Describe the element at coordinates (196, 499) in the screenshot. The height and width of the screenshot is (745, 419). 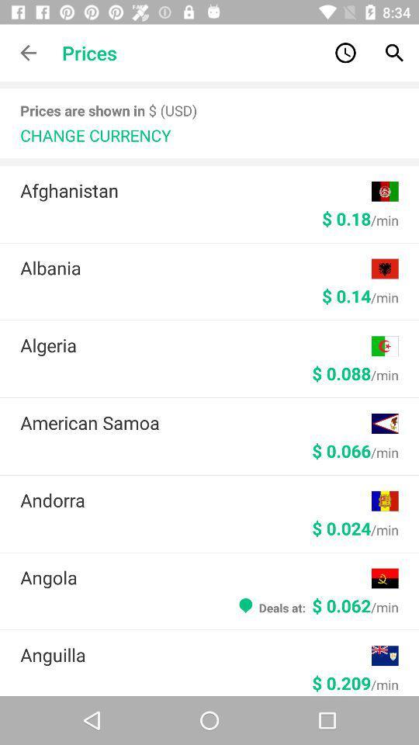
I see `andorra` at that location.